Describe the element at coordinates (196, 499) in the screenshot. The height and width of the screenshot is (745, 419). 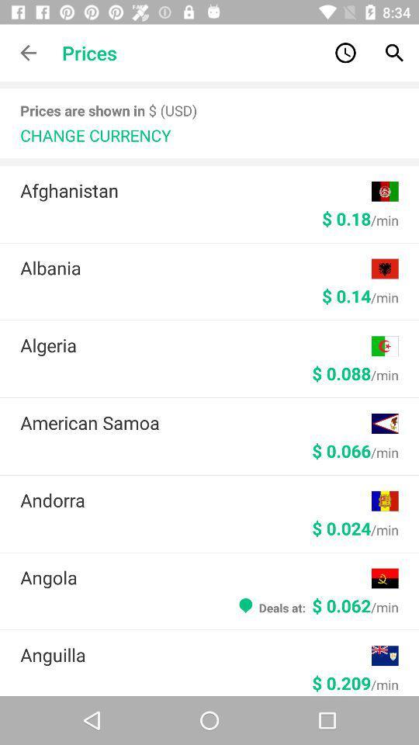
I see `andorra` at that location.